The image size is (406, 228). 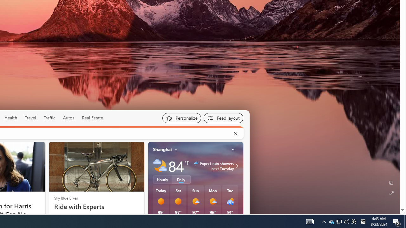 I want to click on 'Traffic', so click(x=49, y=117).